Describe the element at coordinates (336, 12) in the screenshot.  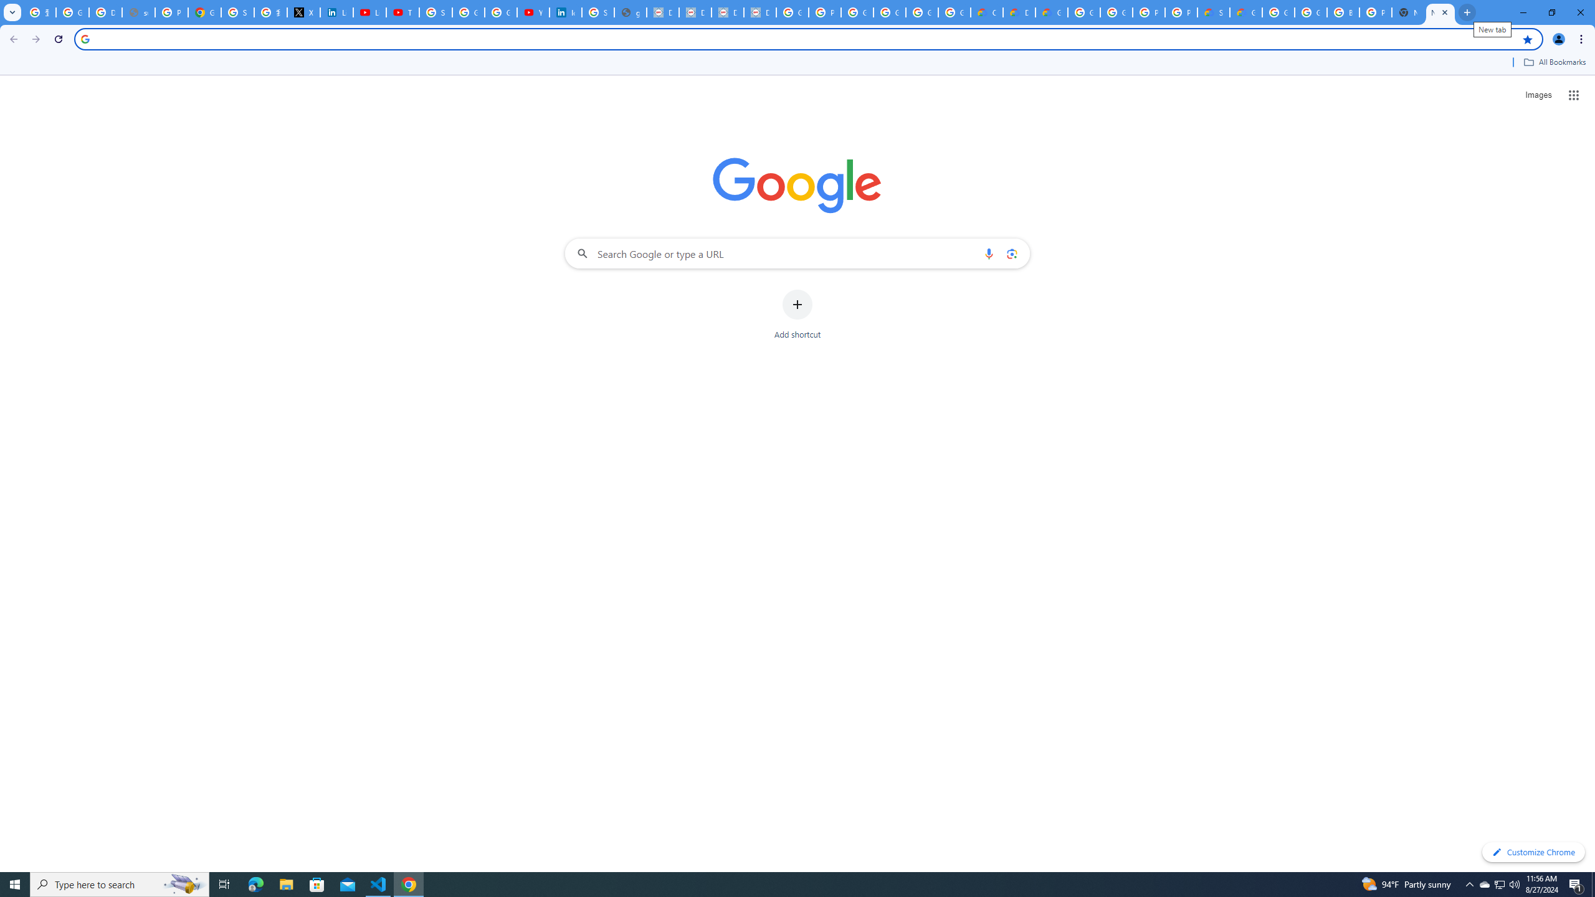
I see `'LinkedIn Privacy Policy'` at that location.